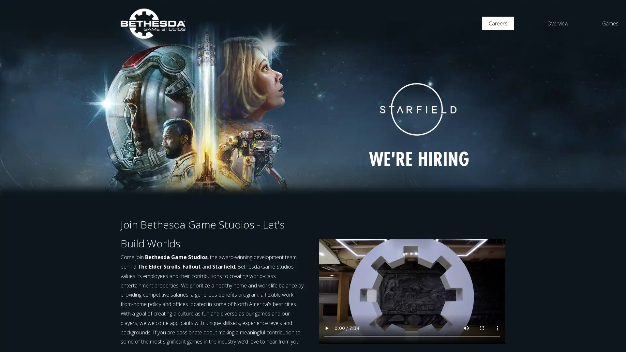 The width and height of the screenshot is (626, 352). Describe the element at coordinates (482, 328) in the screenshot. I see `enter full screen` at that location.